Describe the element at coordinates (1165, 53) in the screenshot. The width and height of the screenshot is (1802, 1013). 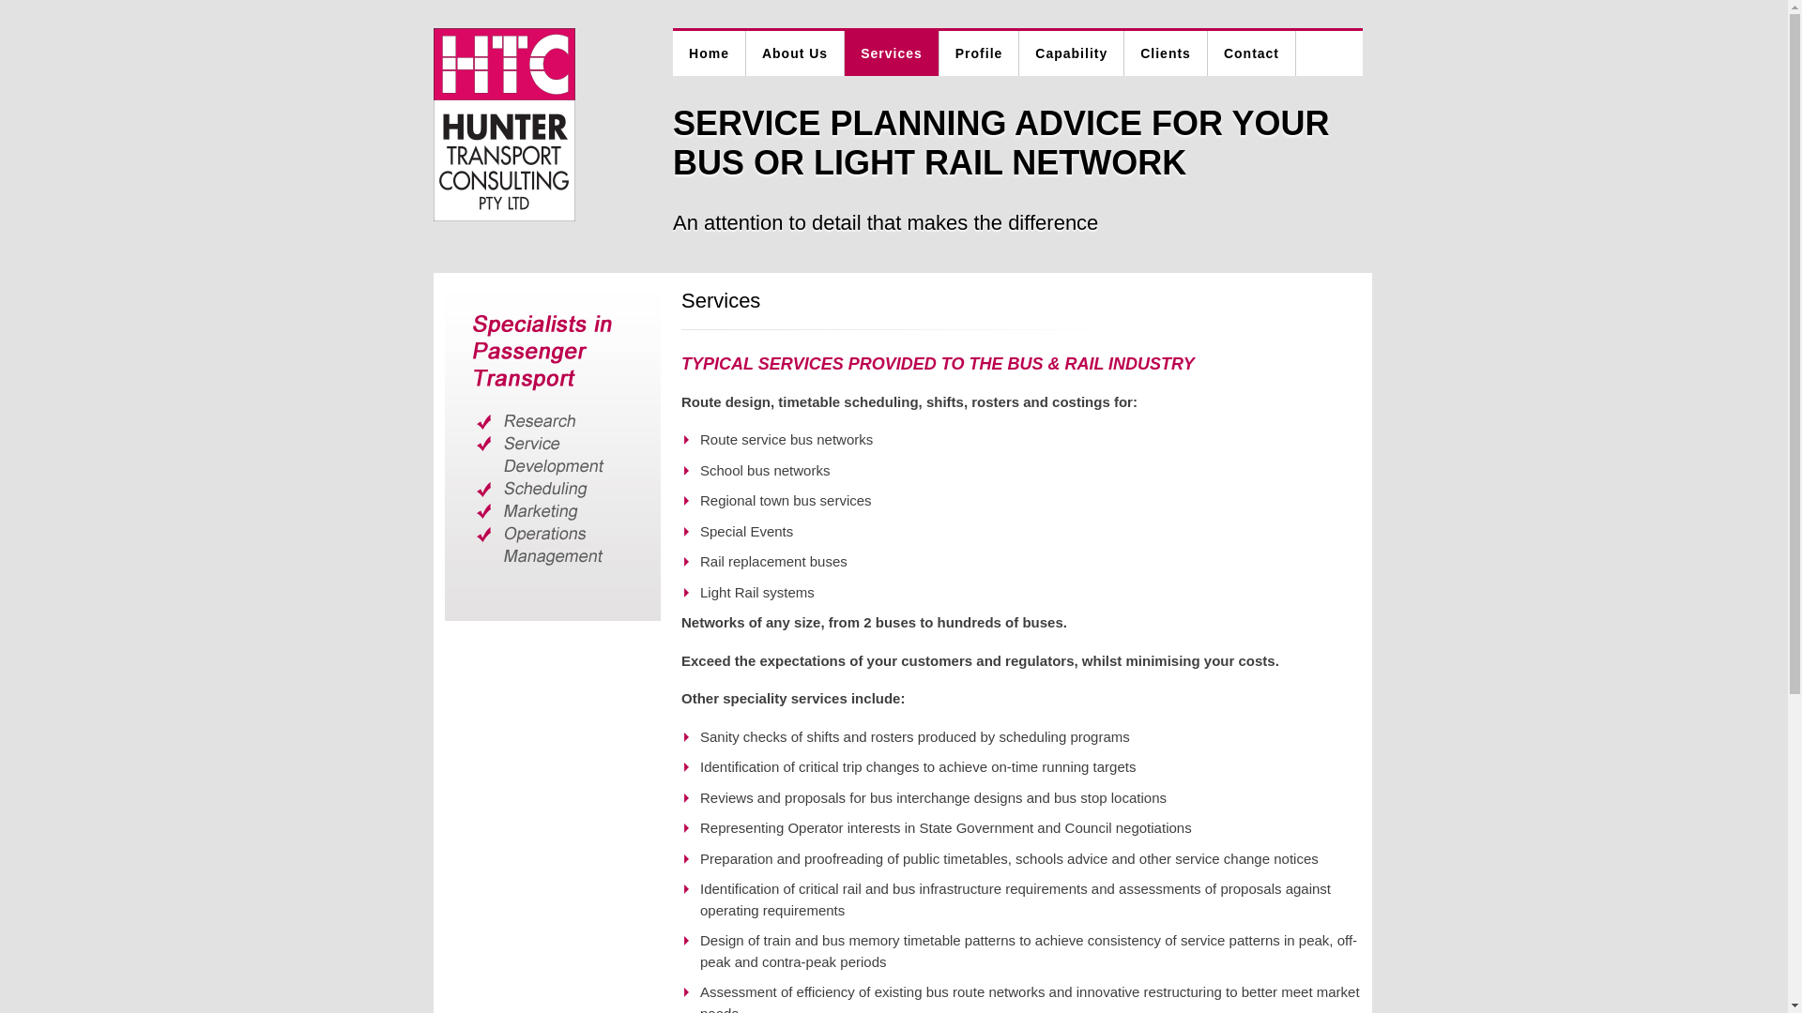
I see `'Clients'` at that location.